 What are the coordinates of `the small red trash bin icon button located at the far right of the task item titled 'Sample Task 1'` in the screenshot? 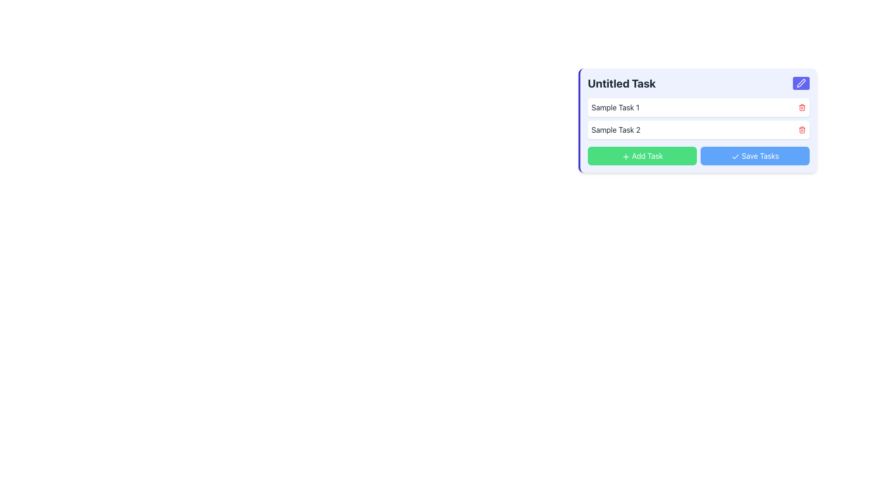 It's located at (802, 107).